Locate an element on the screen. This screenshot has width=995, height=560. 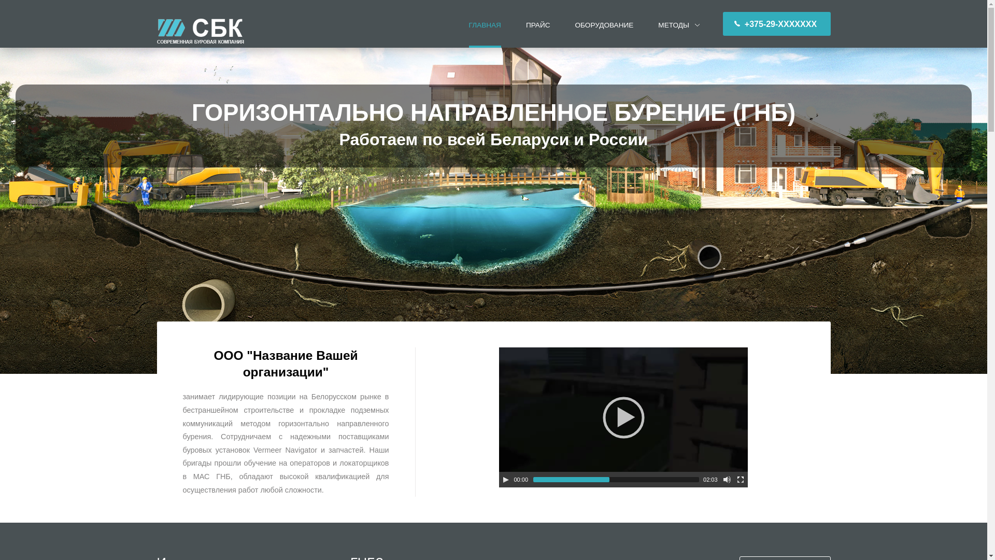
'Mute Toggle' is located at coordinates (726, 480).